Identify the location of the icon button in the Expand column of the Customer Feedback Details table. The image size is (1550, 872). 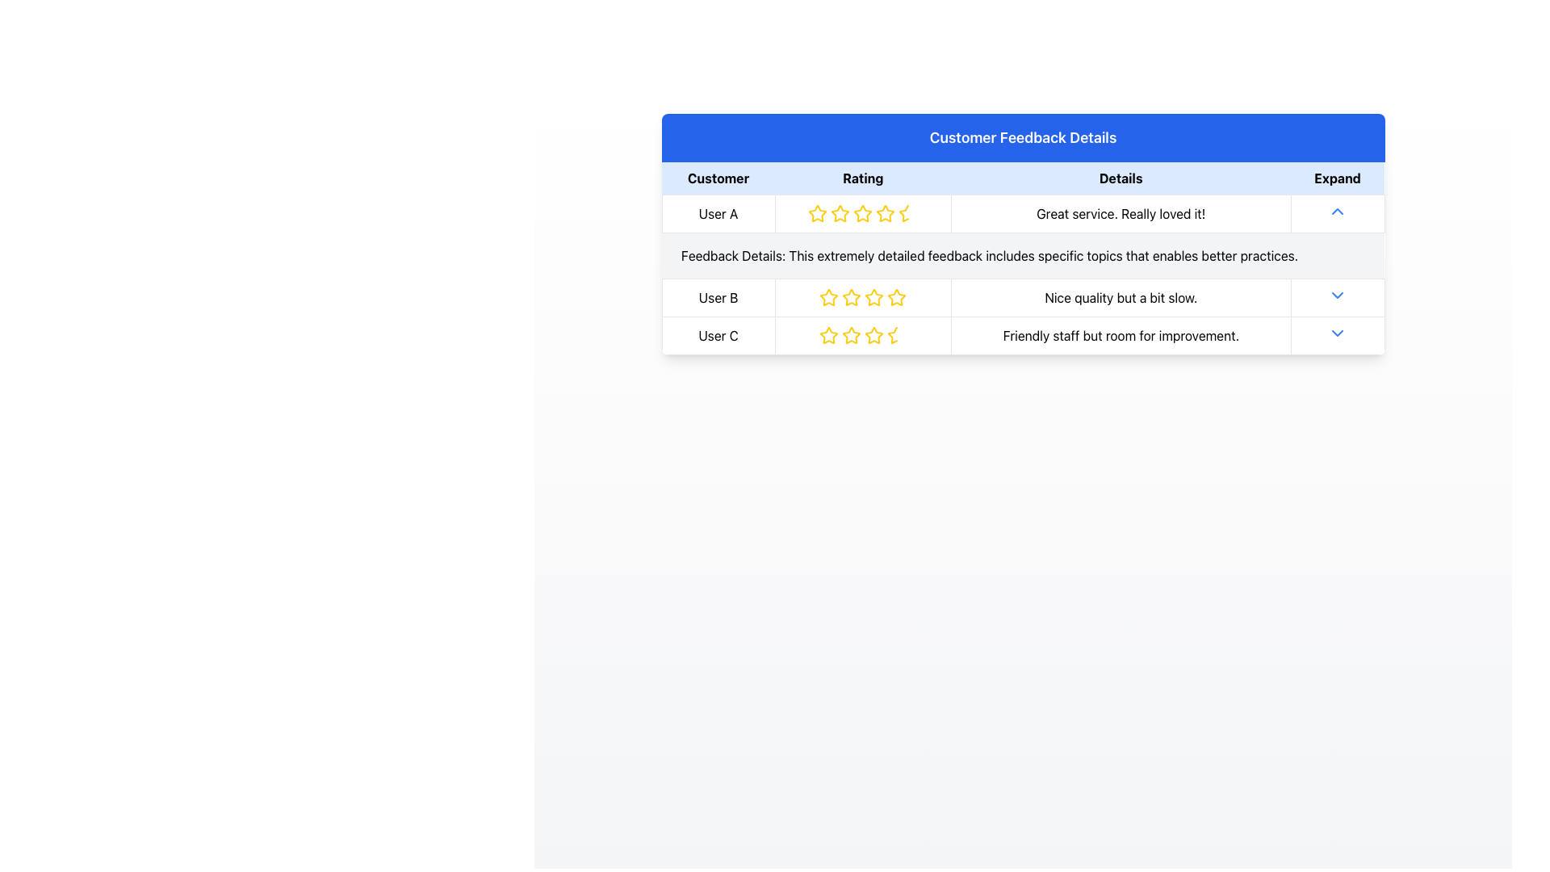
(1338, 211).